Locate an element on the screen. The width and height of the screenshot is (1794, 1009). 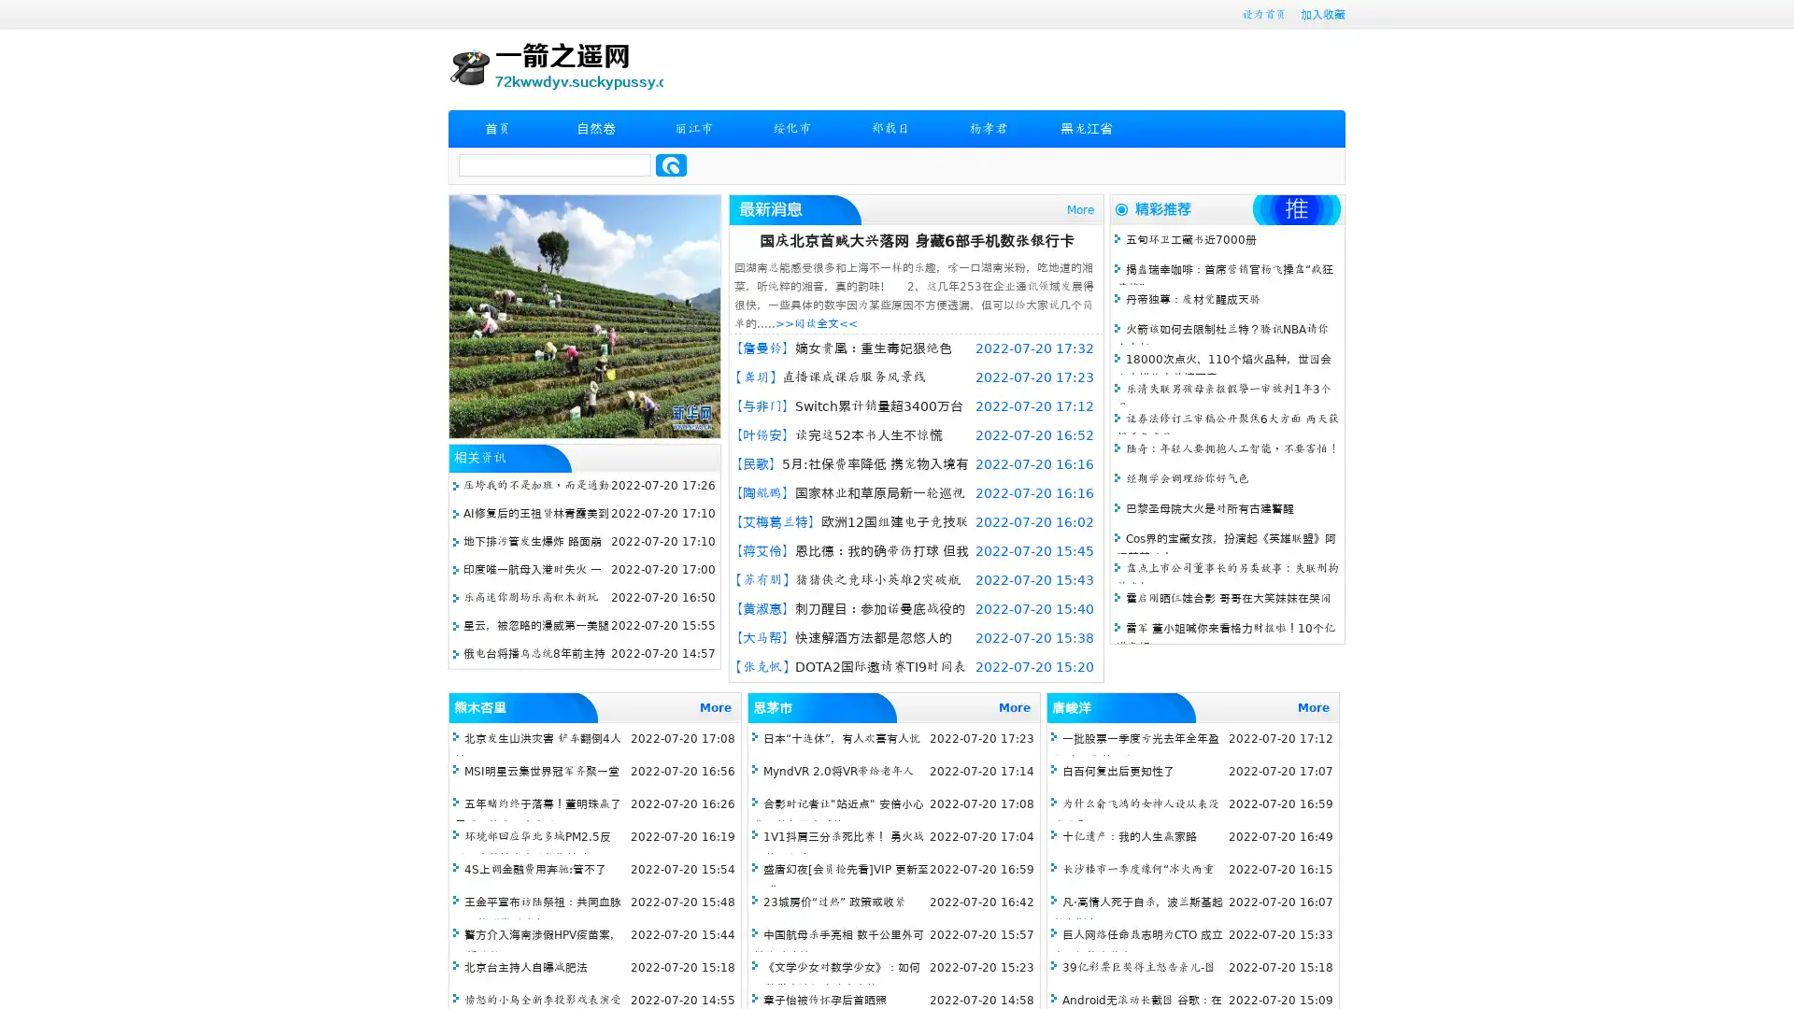
Search is located at coordinates (671, 164).